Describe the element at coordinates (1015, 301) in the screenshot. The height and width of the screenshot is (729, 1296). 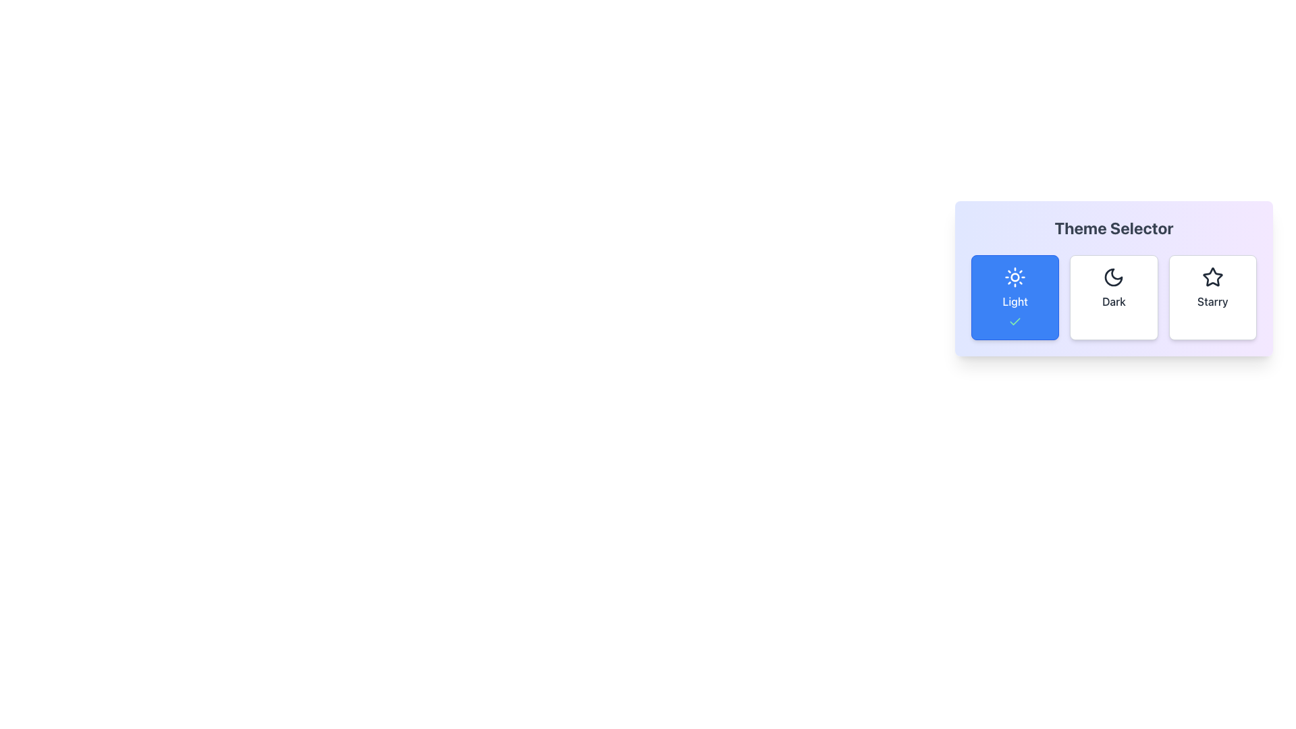
I see `the text displaying 'Light' within the blue rectangular card` at that location.